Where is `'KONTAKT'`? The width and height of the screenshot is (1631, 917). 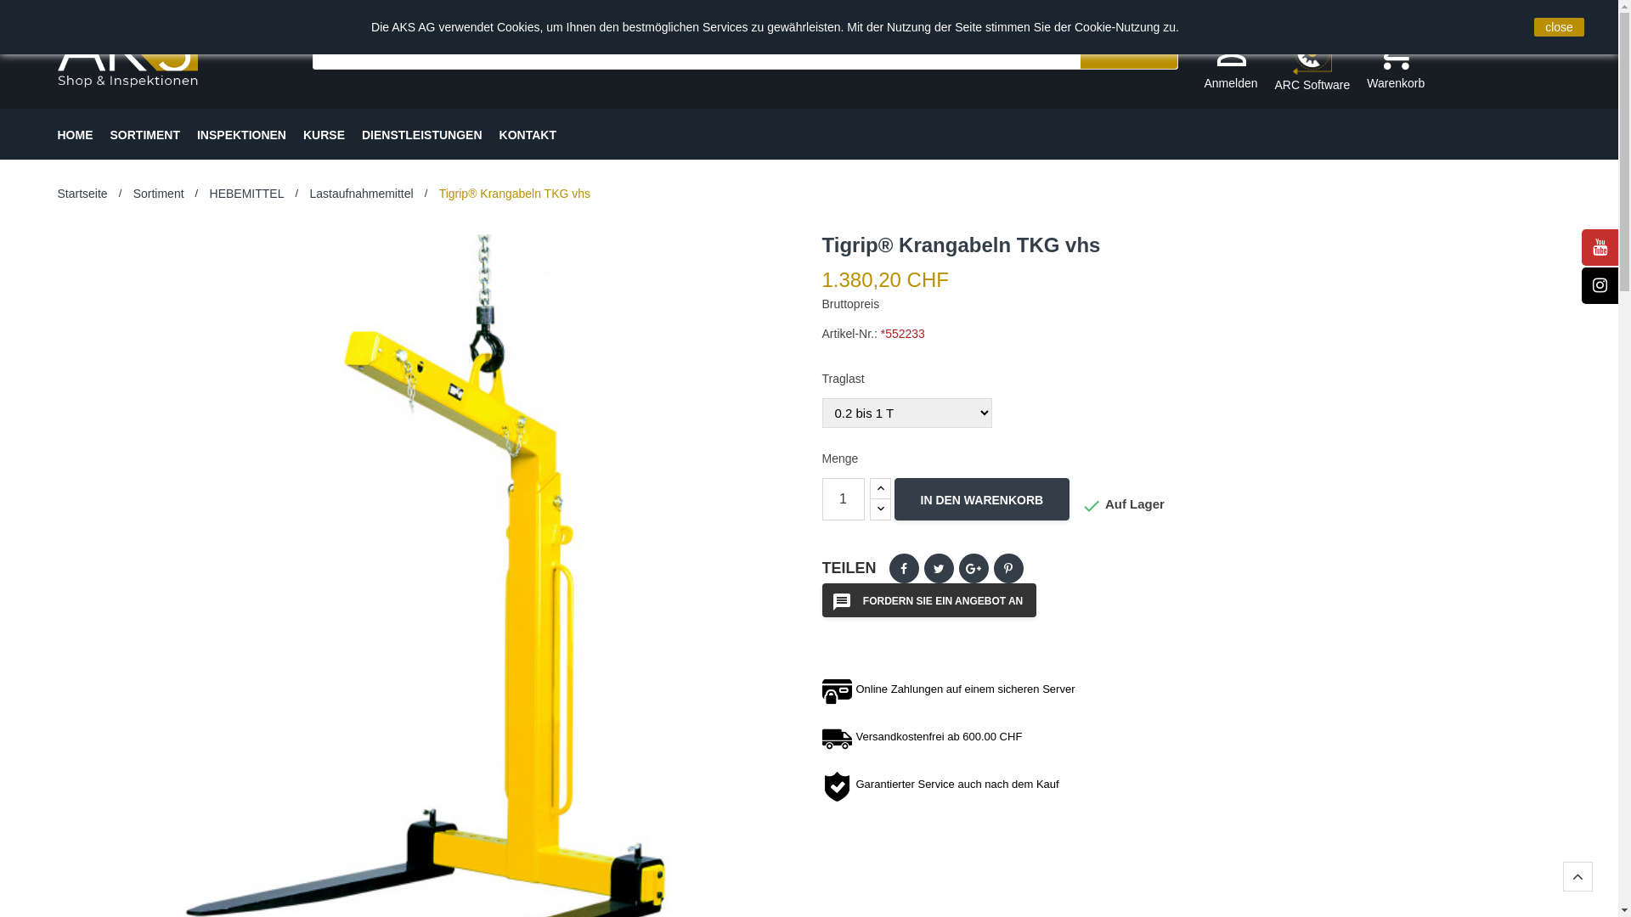
'KONTAKT' is located at coordinates (527, 133).